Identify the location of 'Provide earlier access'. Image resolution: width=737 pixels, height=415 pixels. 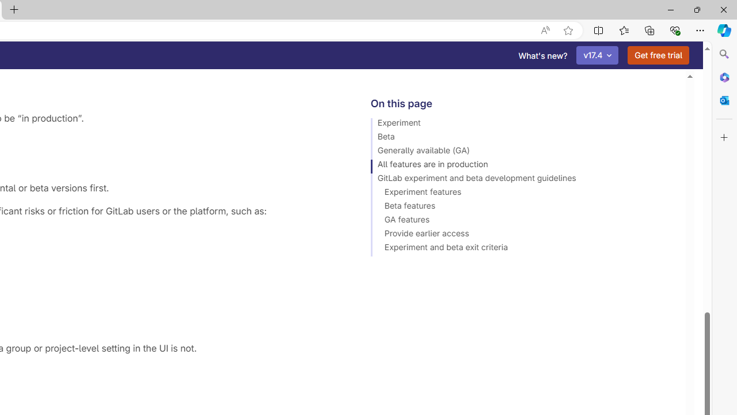
(522, 235).